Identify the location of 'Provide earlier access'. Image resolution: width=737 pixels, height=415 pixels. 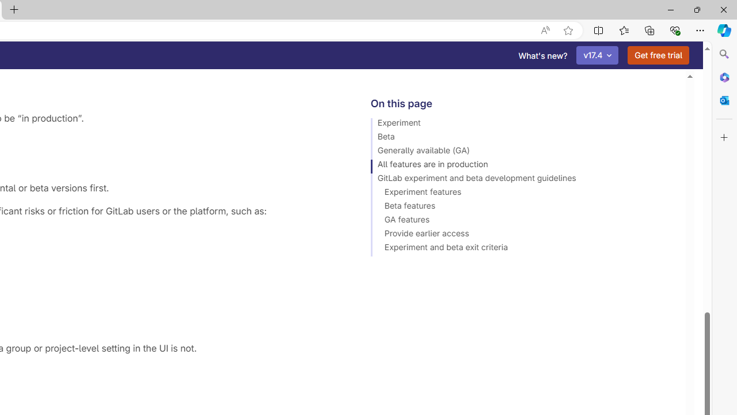
(522, 235).